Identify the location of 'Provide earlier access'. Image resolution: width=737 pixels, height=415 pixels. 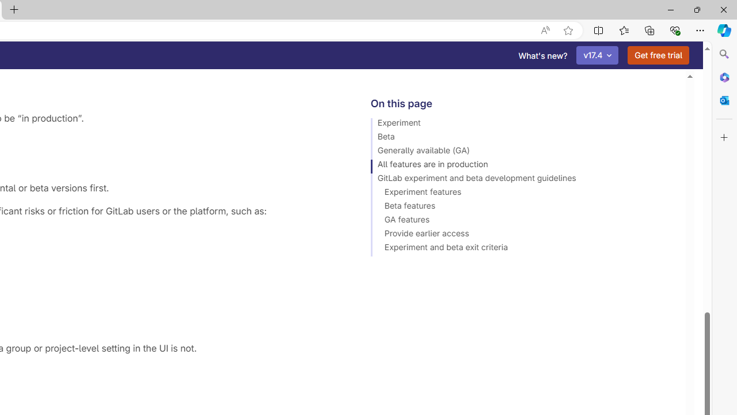
(522, 235).